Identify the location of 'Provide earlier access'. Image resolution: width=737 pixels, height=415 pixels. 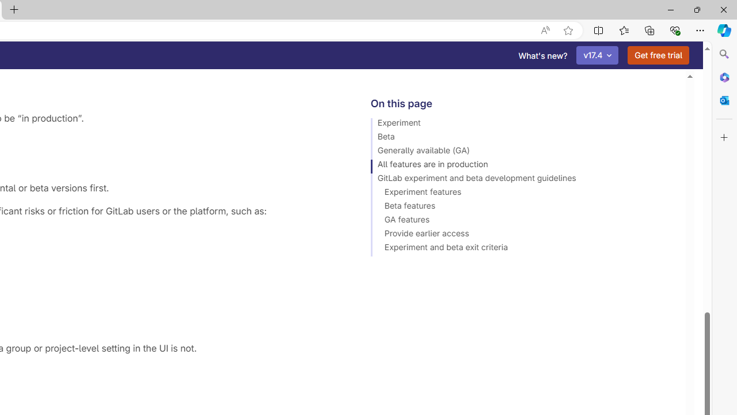
(522, 235).